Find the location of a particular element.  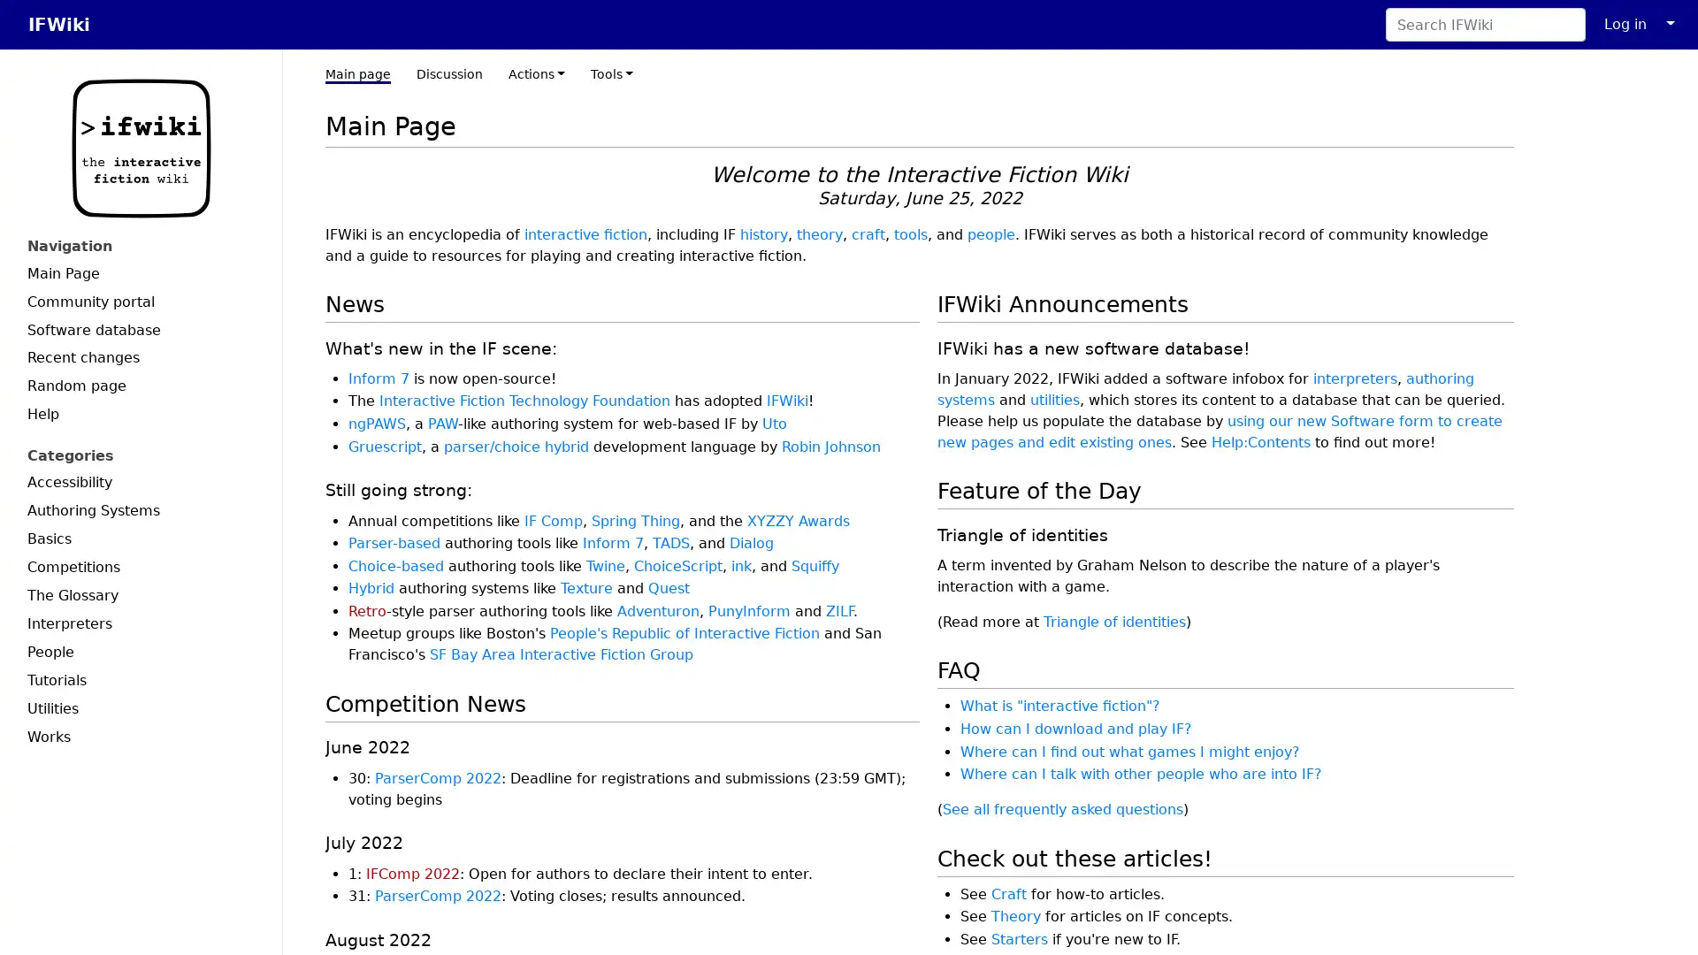

Categories is located at coordinates (140, 455).